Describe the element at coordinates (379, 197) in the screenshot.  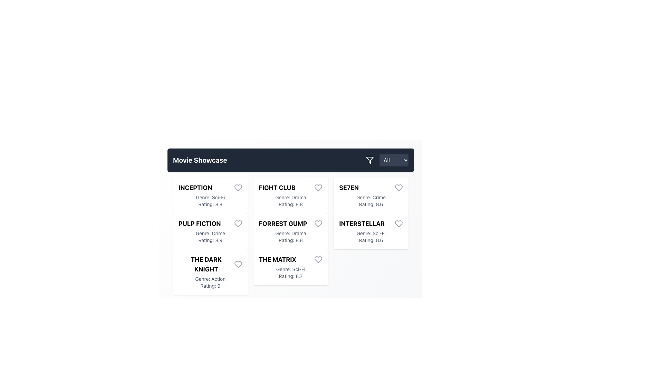
I see `the text label displaying the genre of the movie 'SE7EN', located in the second column of the detailed movie card interface, specifically in the 'Genre' field positioned below the movie title` at that location.